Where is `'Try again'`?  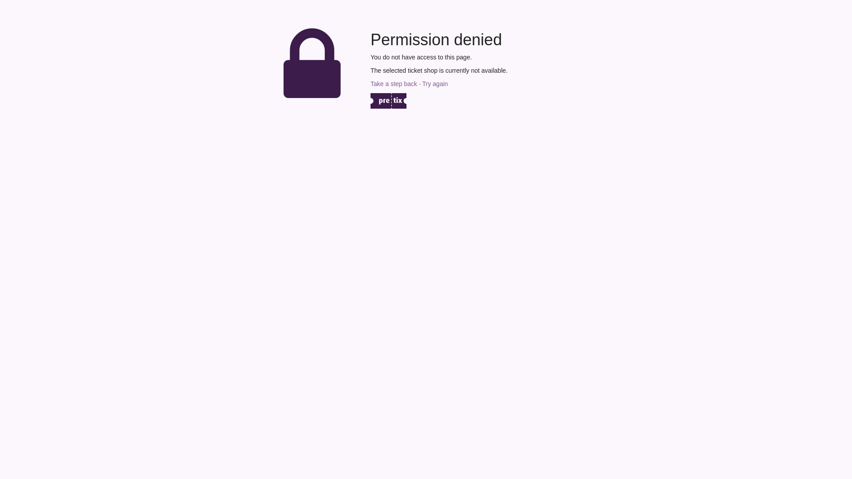
'Try again' is located at coordinates (421, 84).